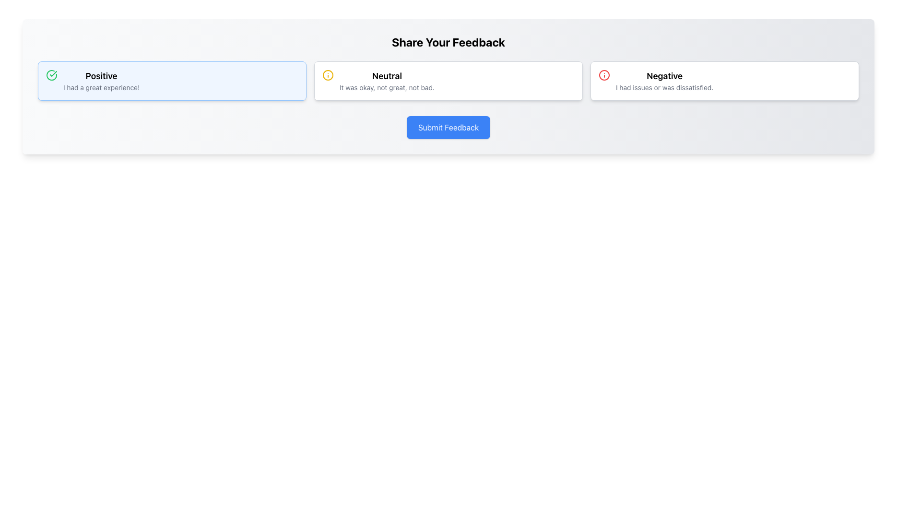 The height and width of the screenshot is (518, 921). Describe the element at coordinates (328, 75) in the screenshot. I see `the yellow circular vector graphic element within the 'info' icon that is adjacent to the 'Neutral' sentiment button` at that location.